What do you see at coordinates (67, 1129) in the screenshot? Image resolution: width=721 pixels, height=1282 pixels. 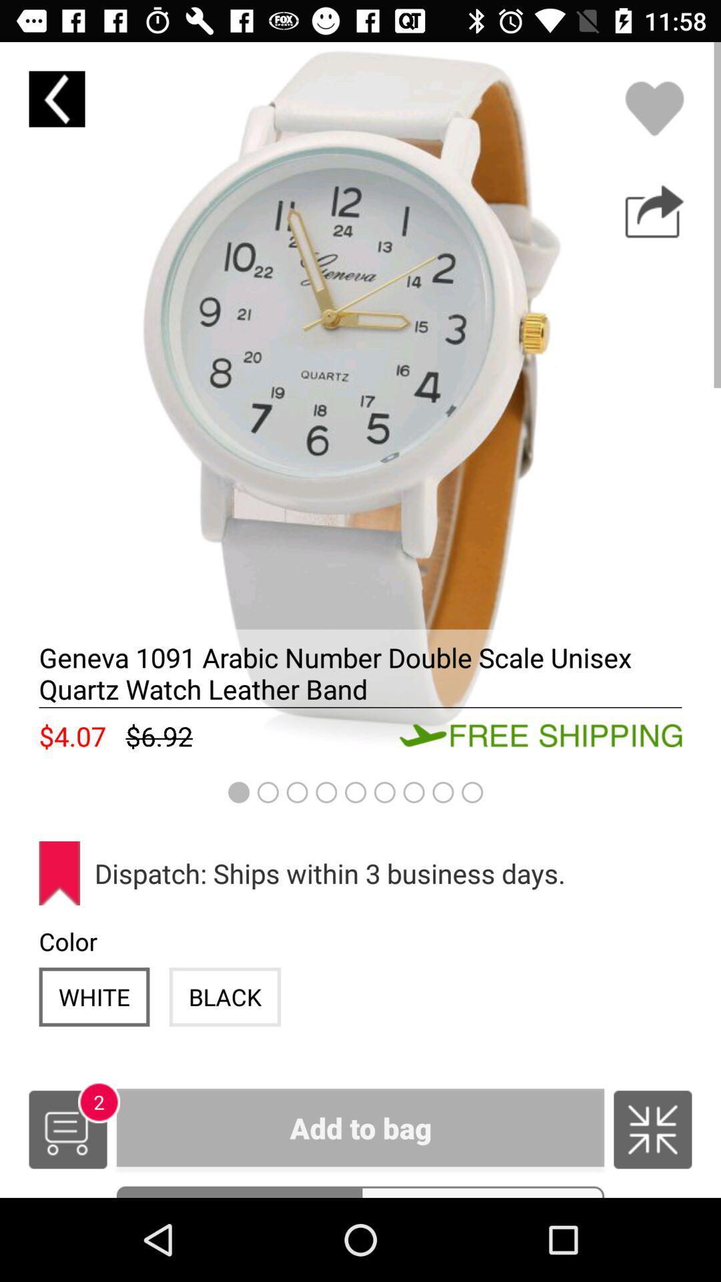 I see `the cart icon` at bounding box center [67, 1129].